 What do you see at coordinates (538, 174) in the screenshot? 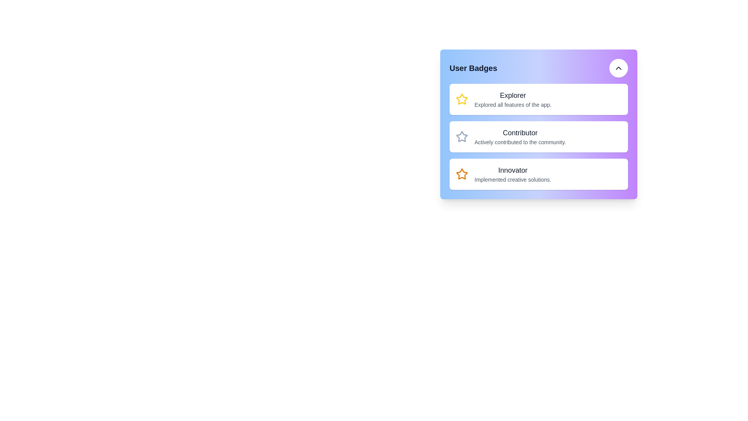
I see `text of the 'Innovator' badge, which features a star icon and describes the achievement 'Implemented creative solutions.'` at bounding box center [538, 174].